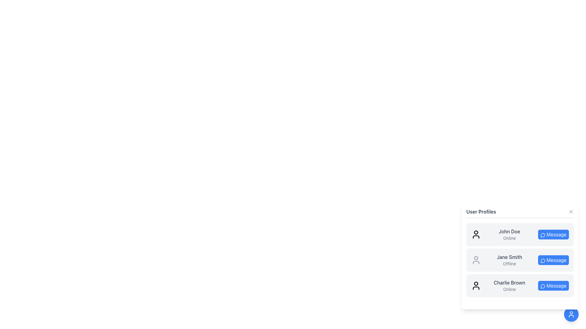 The height and width of the screenshot is (329, 586). I want to click on the 'X' icon close button located in the top-right corner of the user profile panel, so click(571, 211).